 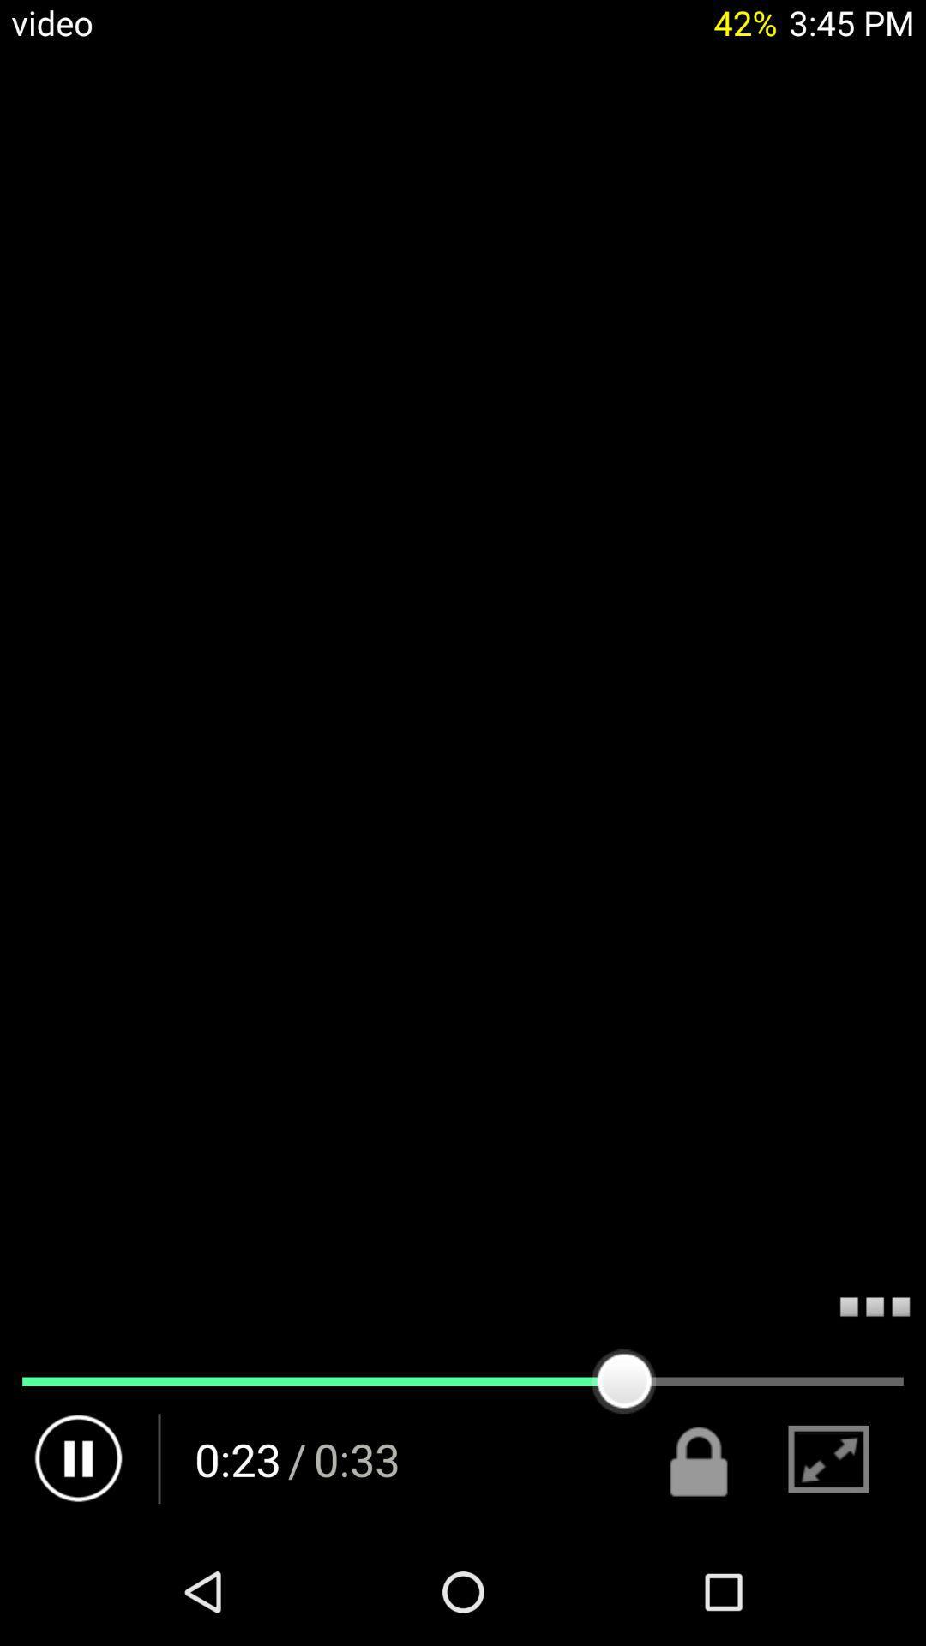 What do you see at coordinates (79, 1561) in the screenshot?
I see `the pause icon` at bounding box center [79, 1561].